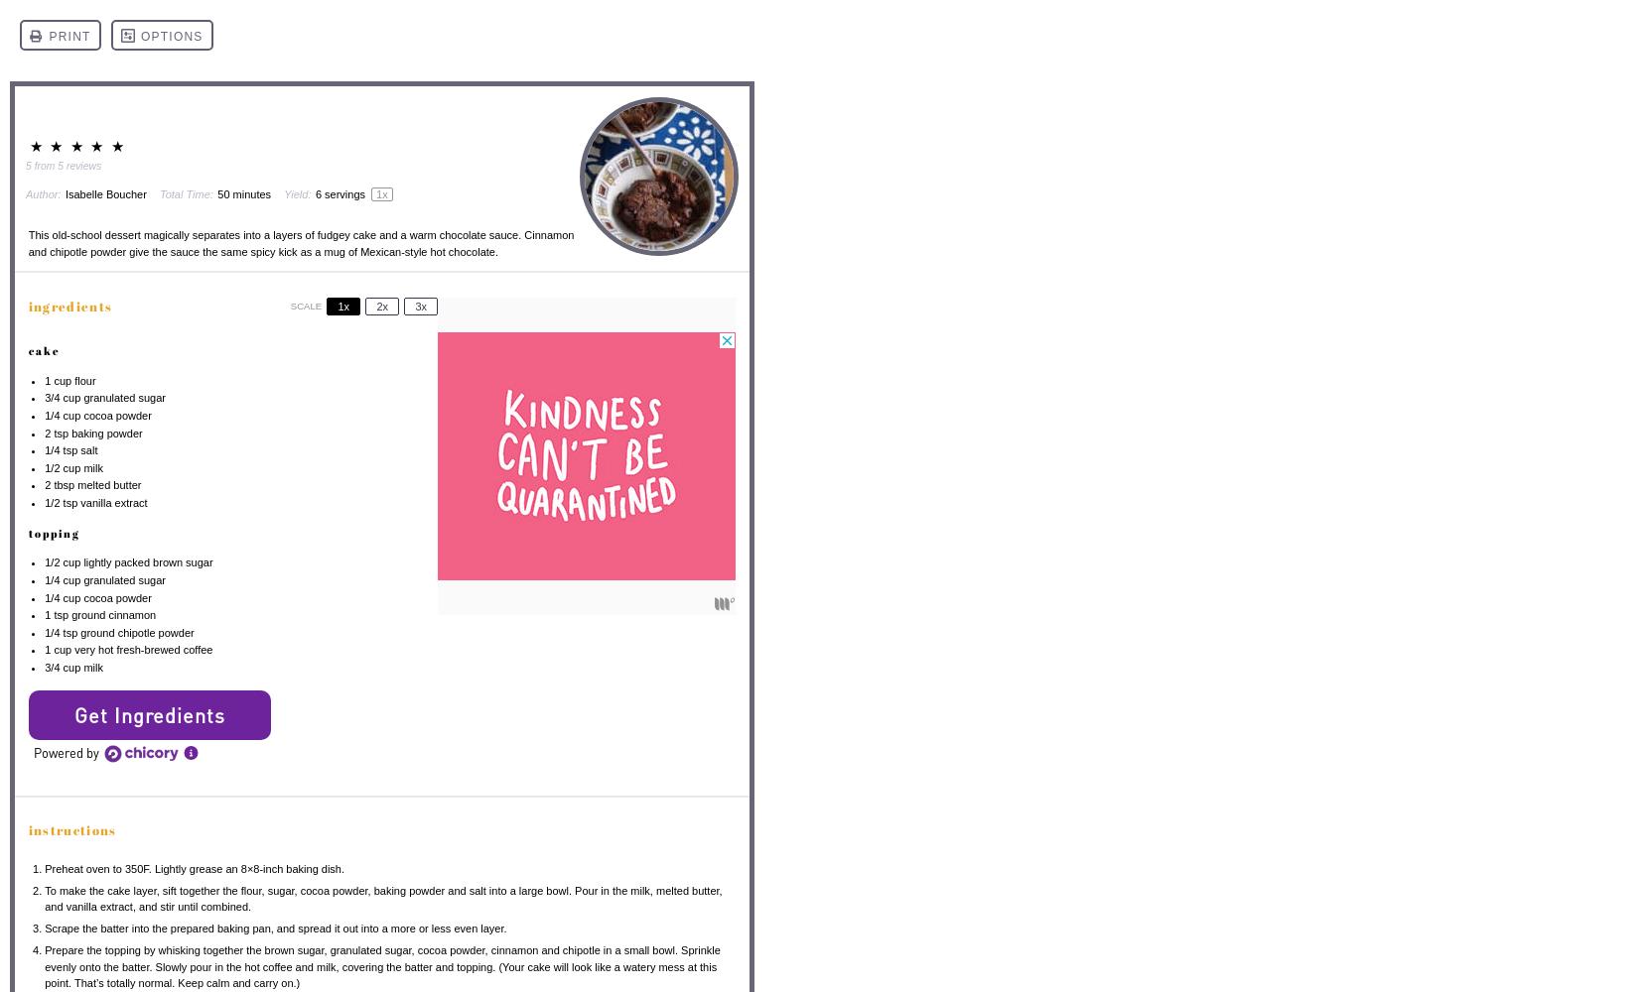  What do you see at coordinates (343, 306) in the screenshot?
I see `'1x'` at bounding box center [343, 306].